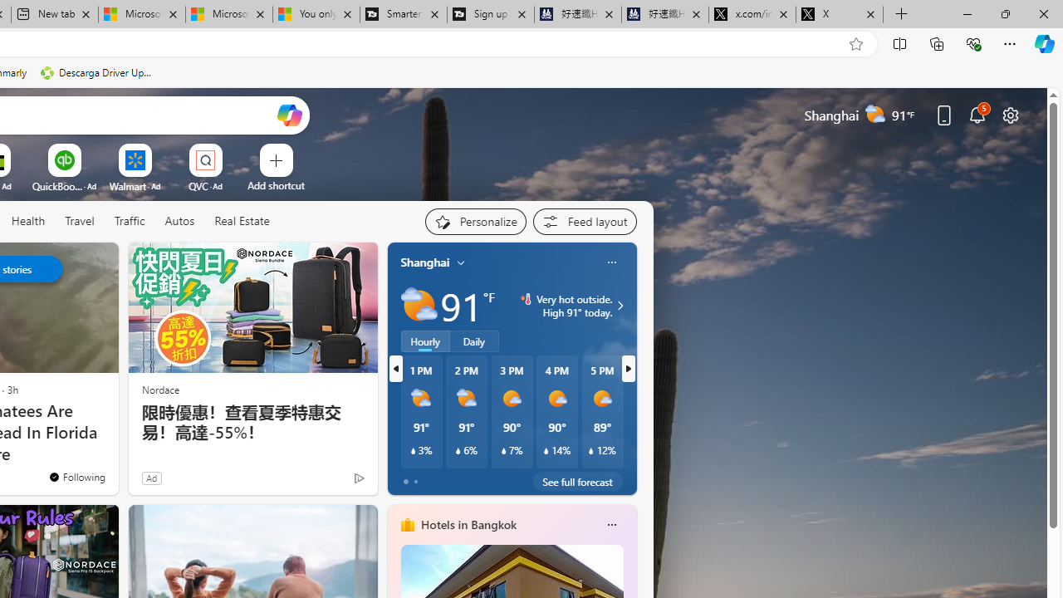 This screenshot has width=1063, height=598. What do you see at coordinates (241, 220) in the screenshot?
I see `'Real Estate'` at bounding box center [241, 220].